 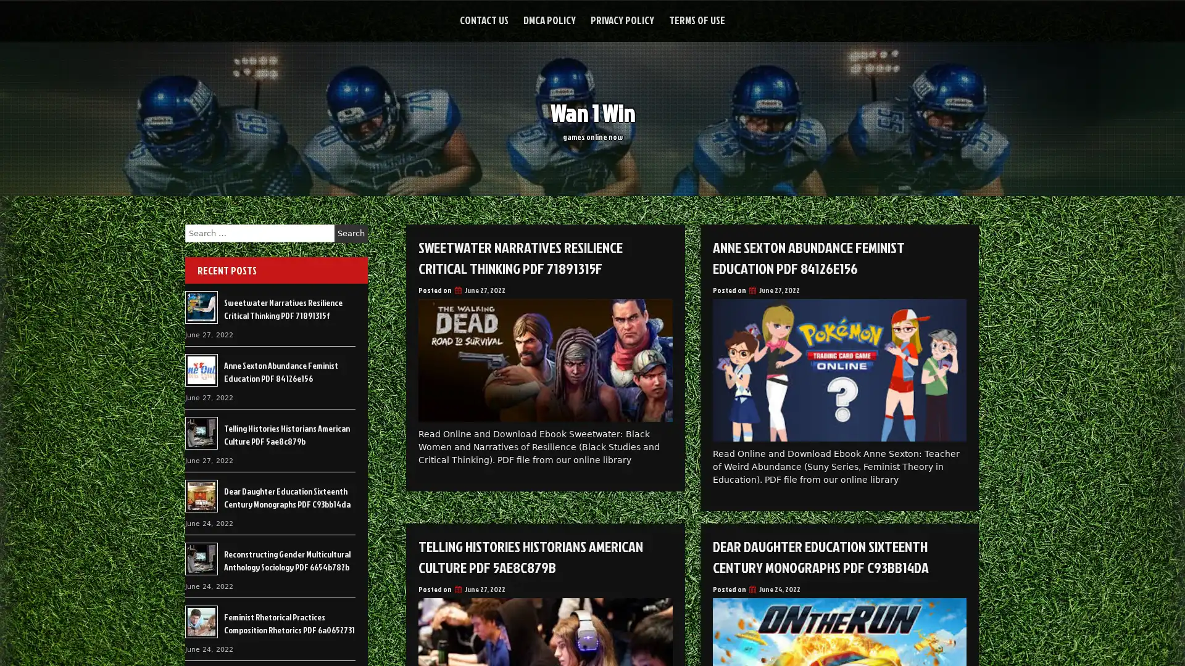 I want to click on Search, so click(x=351, y=233).